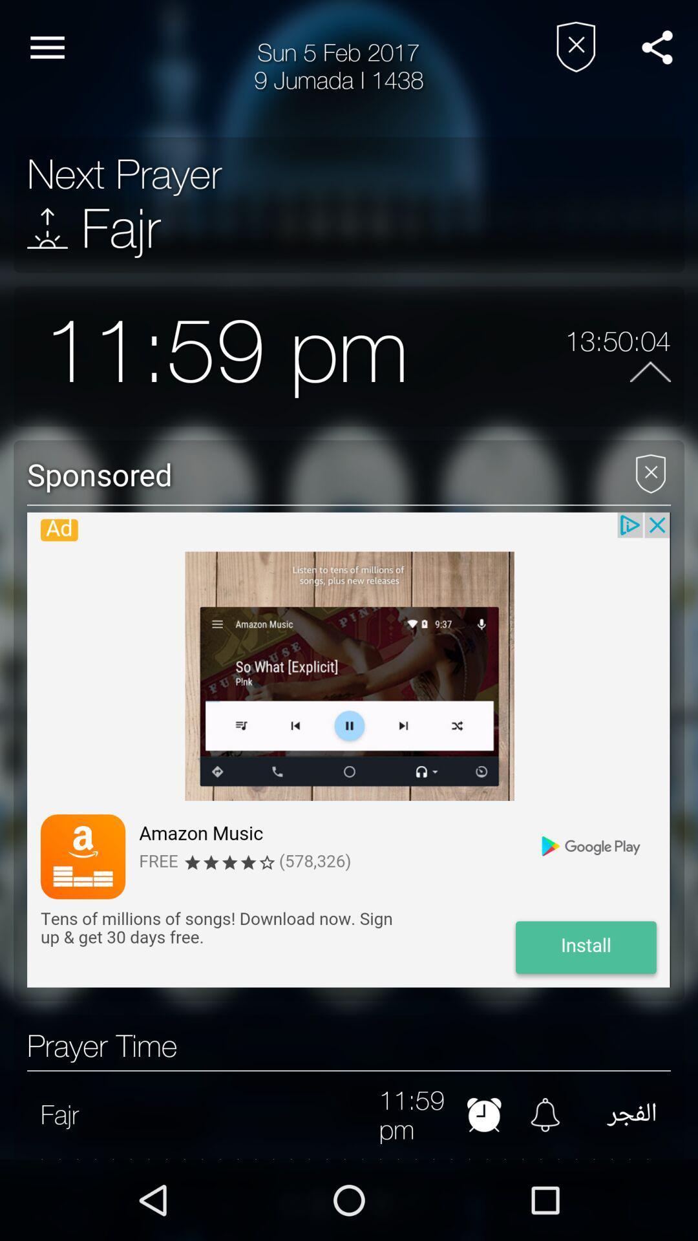 The image size is (698, 1241). What do you see at coordinates (484, 1114) in the screenshot?
I see `clock` at bounding box center [484, 1114].